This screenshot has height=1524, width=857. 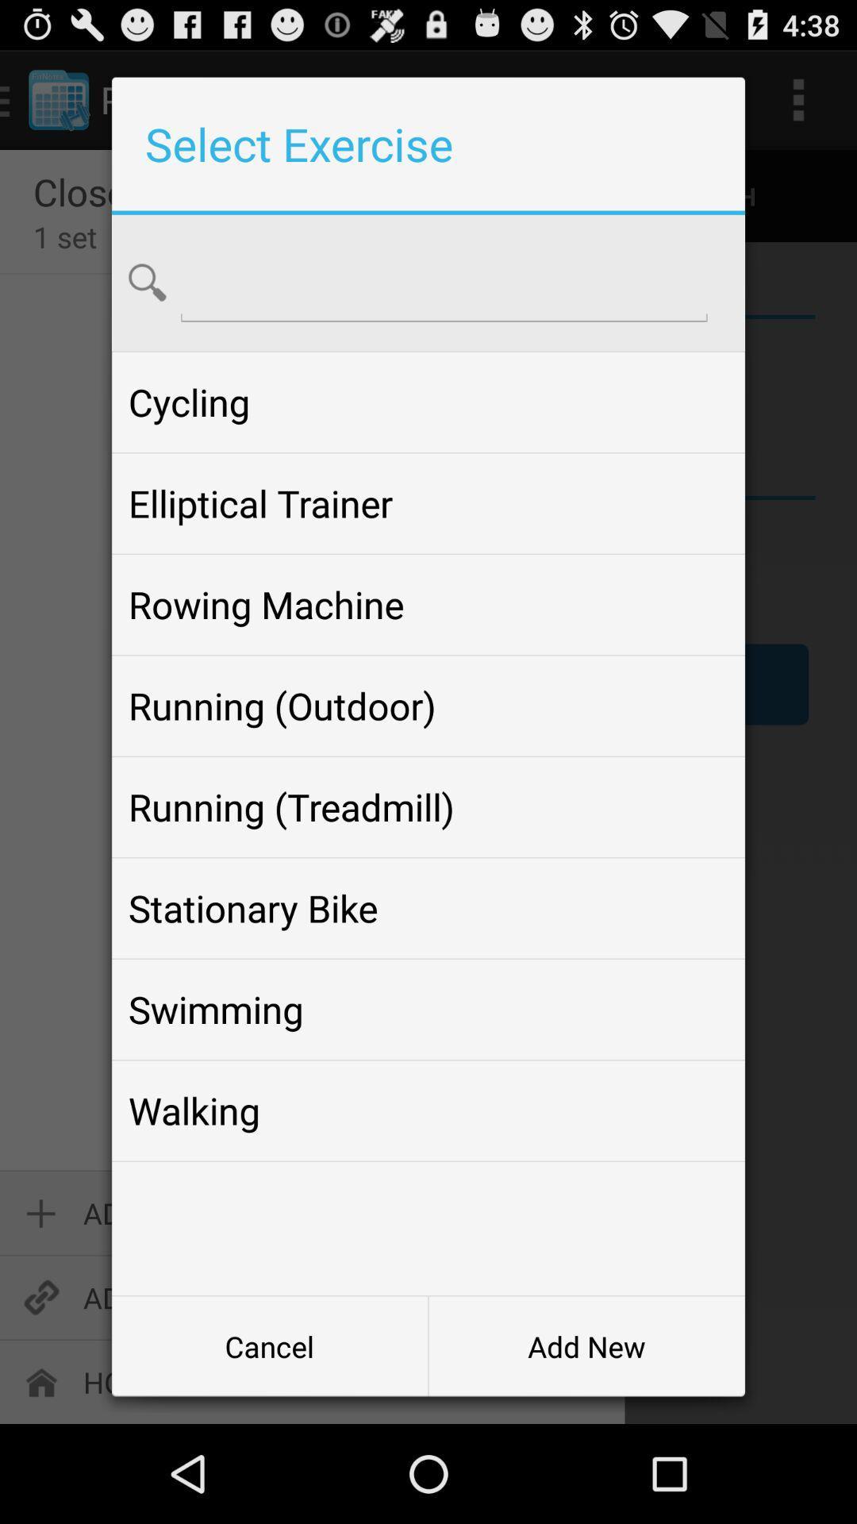 What do you see at coordinates (428, 1110) in the screenshot?
I see `item at the bottom` at bounding box center [428, 1110].